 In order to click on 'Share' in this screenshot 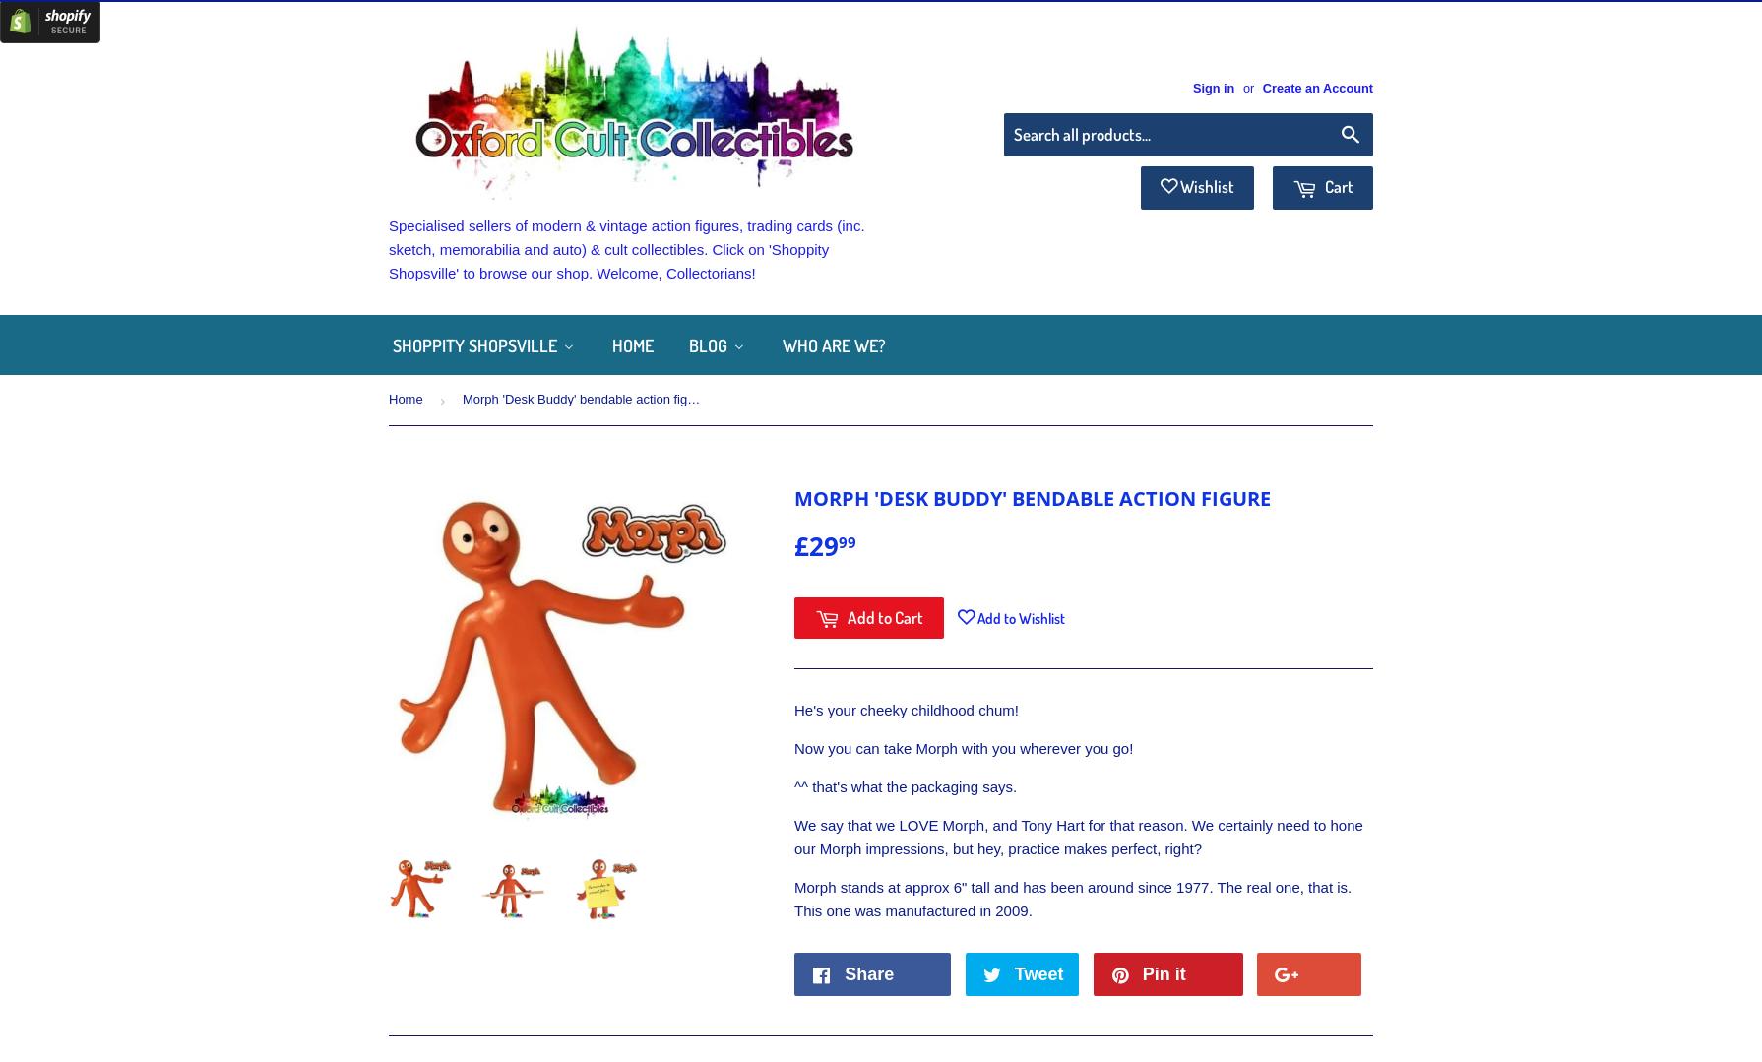, I will do `click(868, 972)`.